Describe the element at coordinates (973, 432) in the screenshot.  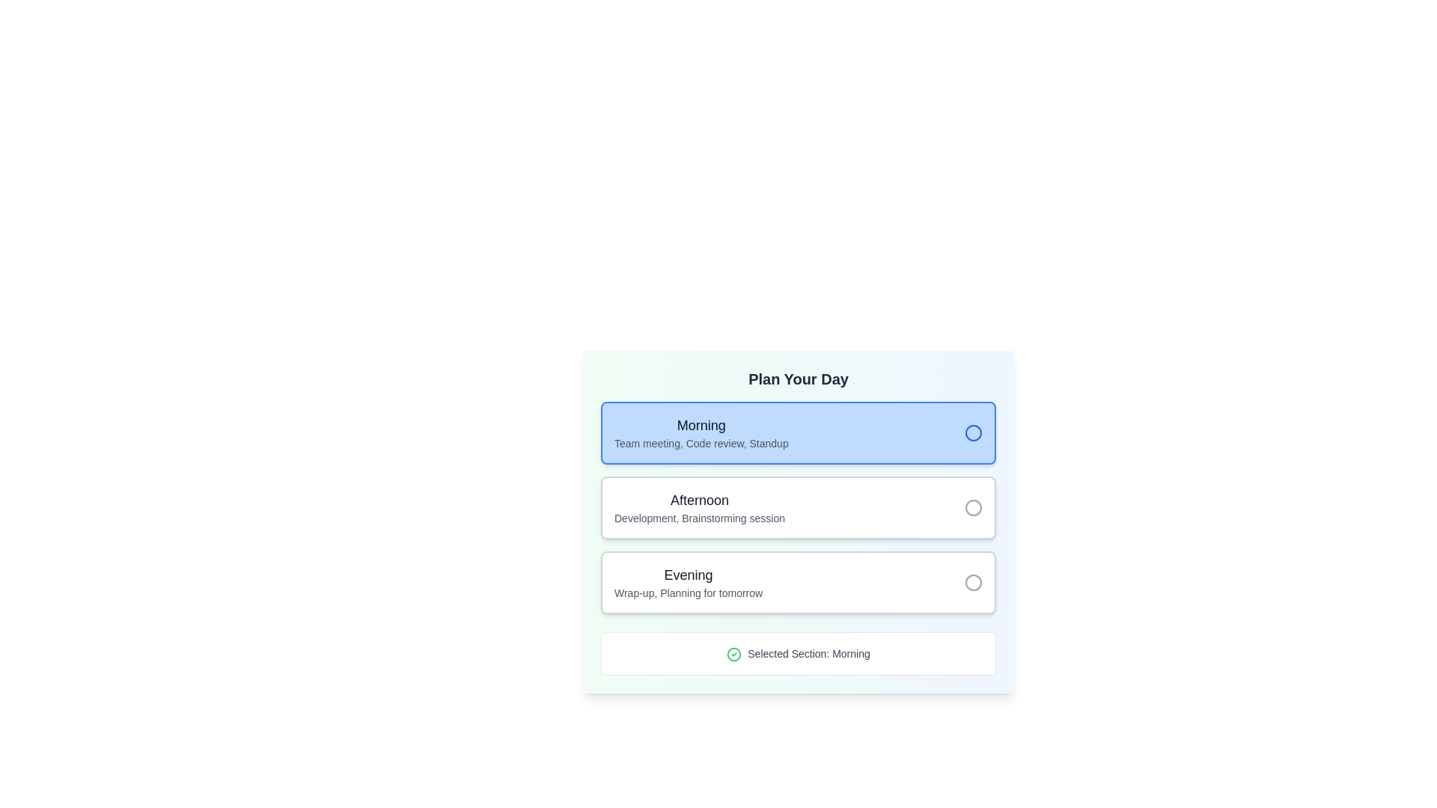
I see `the circular graphical element in the top-right corner of the blue section labeled 'Morning', which indicates a selection or an active state` at that location.